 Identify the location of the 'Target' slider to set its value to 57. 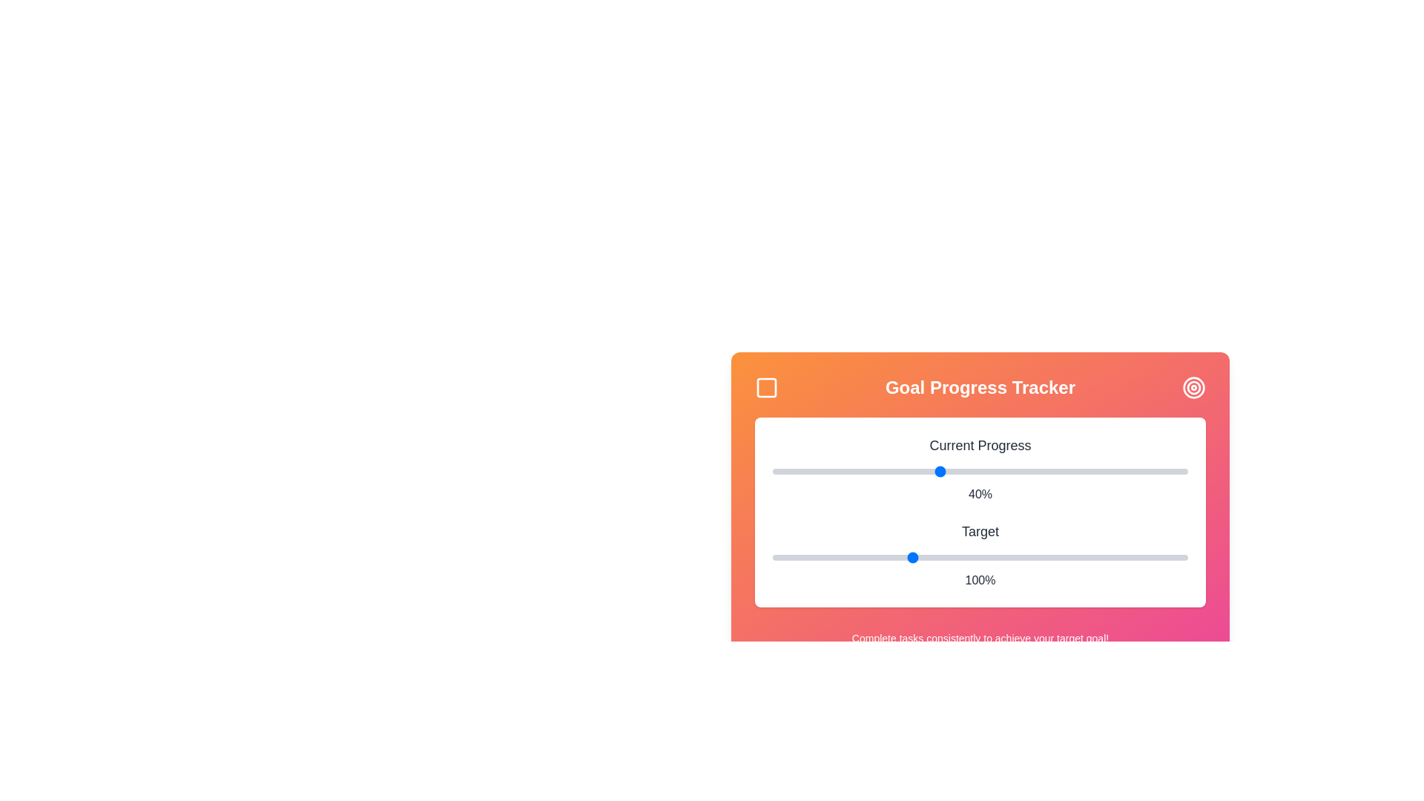
(791, 558).